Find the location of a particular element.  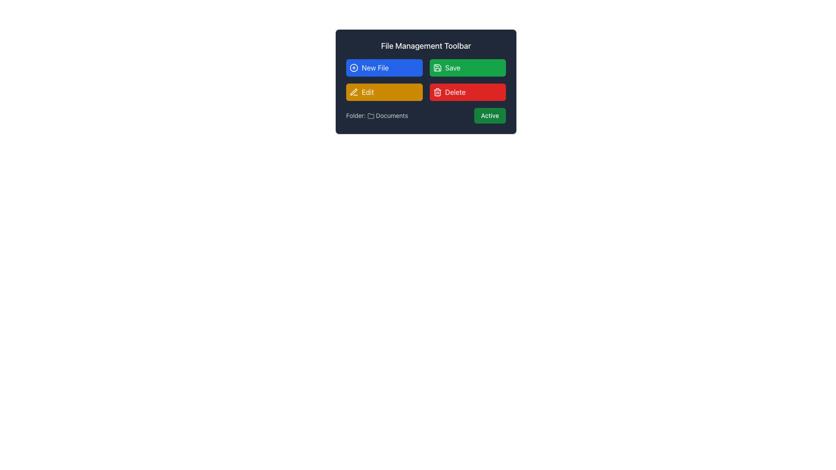

the blue rectangular button labeled 'New File' with a white '+' icon to observe any hover effects is located at coordinates (384, 67).